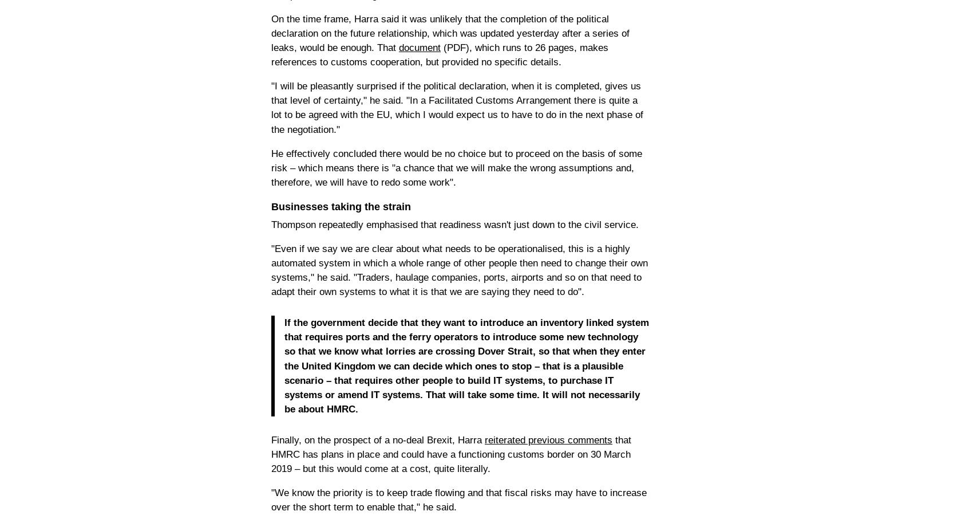 This screenshot has height=527, width=973. What do you see at coordinates (271, 439) in the screenshot?
I see `'Finally, on the prospect of a no-deal Brexit, Harra'` at bounding box center [271, 439].